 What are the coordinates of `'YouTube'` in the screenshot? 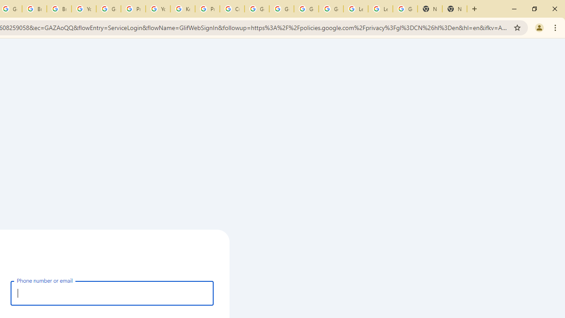 It's located at (158, 9).